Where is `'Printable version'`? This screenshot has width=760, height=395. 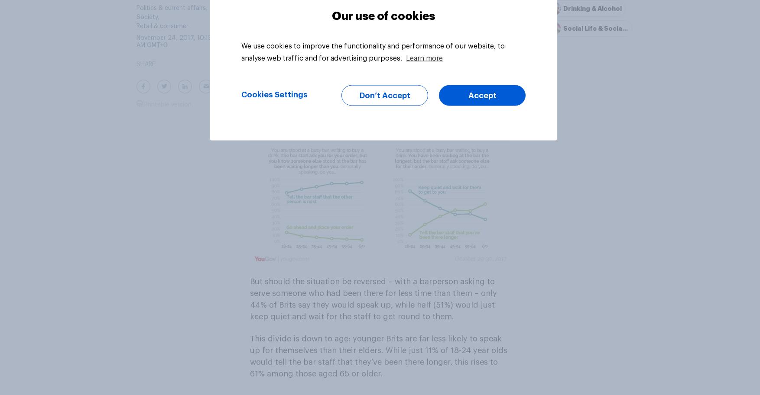
'Printable version' is located at coordinates (167, 104).